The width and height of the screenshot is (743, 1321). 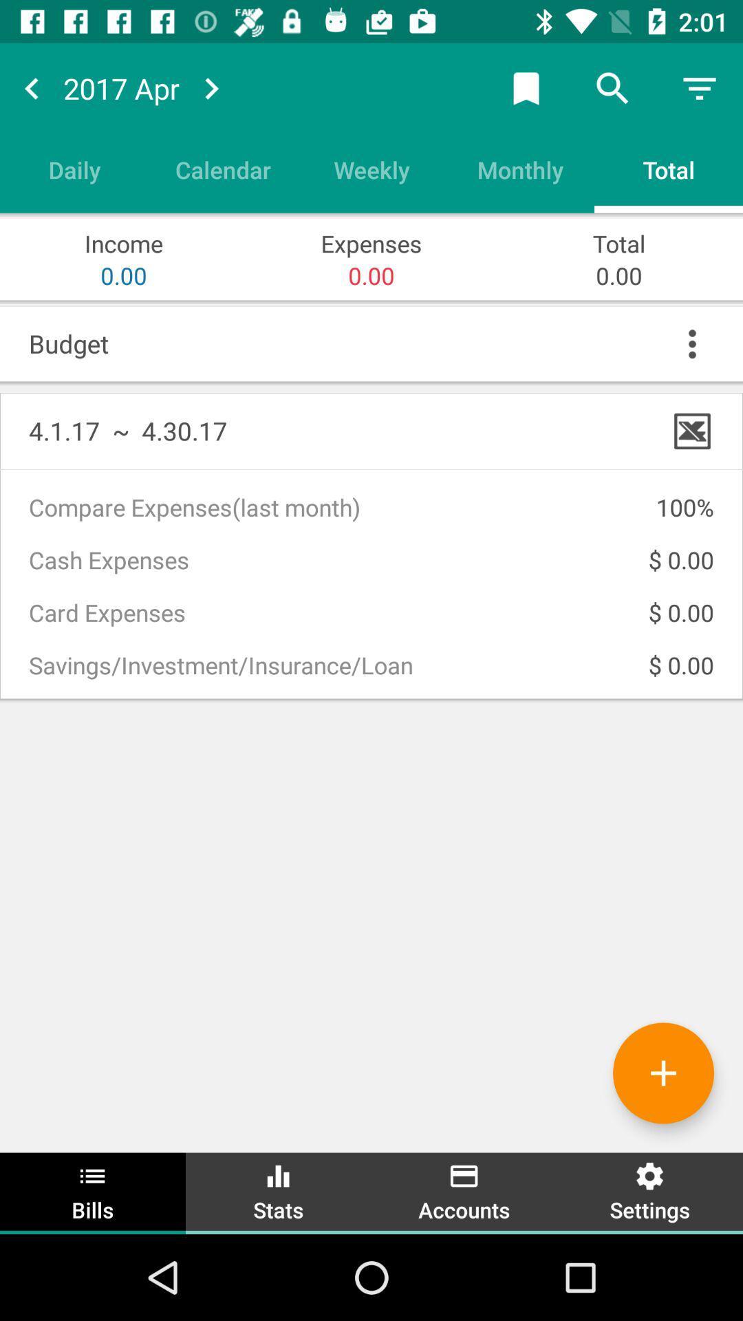 What do you see at coordinates (211, 87) in the screenshot?
I see `go to` at bounding box center [211, 87].